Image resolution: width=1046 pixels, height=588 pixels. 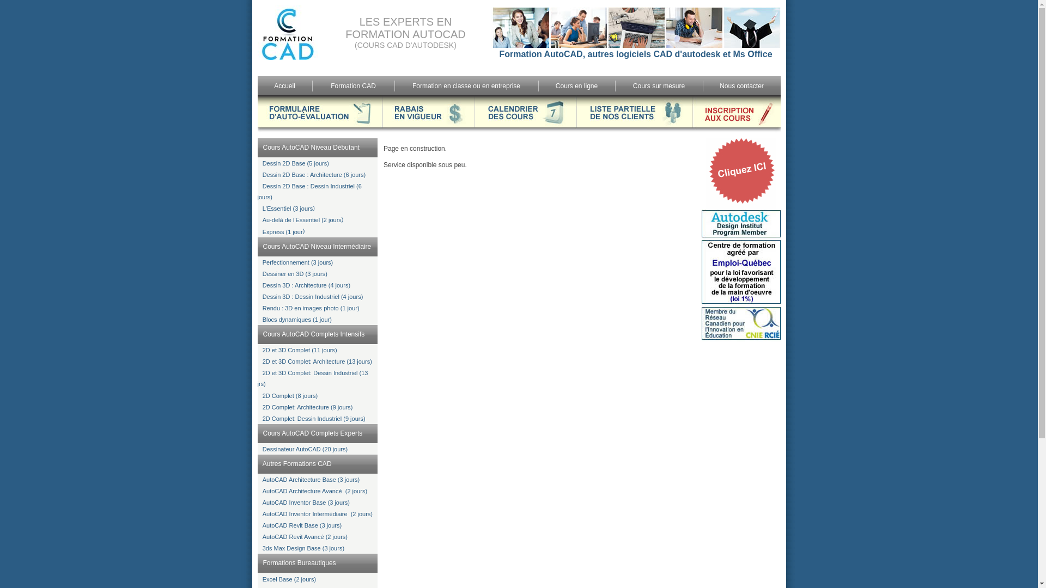 I want to click on 'L'Essentiel (3 jours', so click(x=288, y=208).